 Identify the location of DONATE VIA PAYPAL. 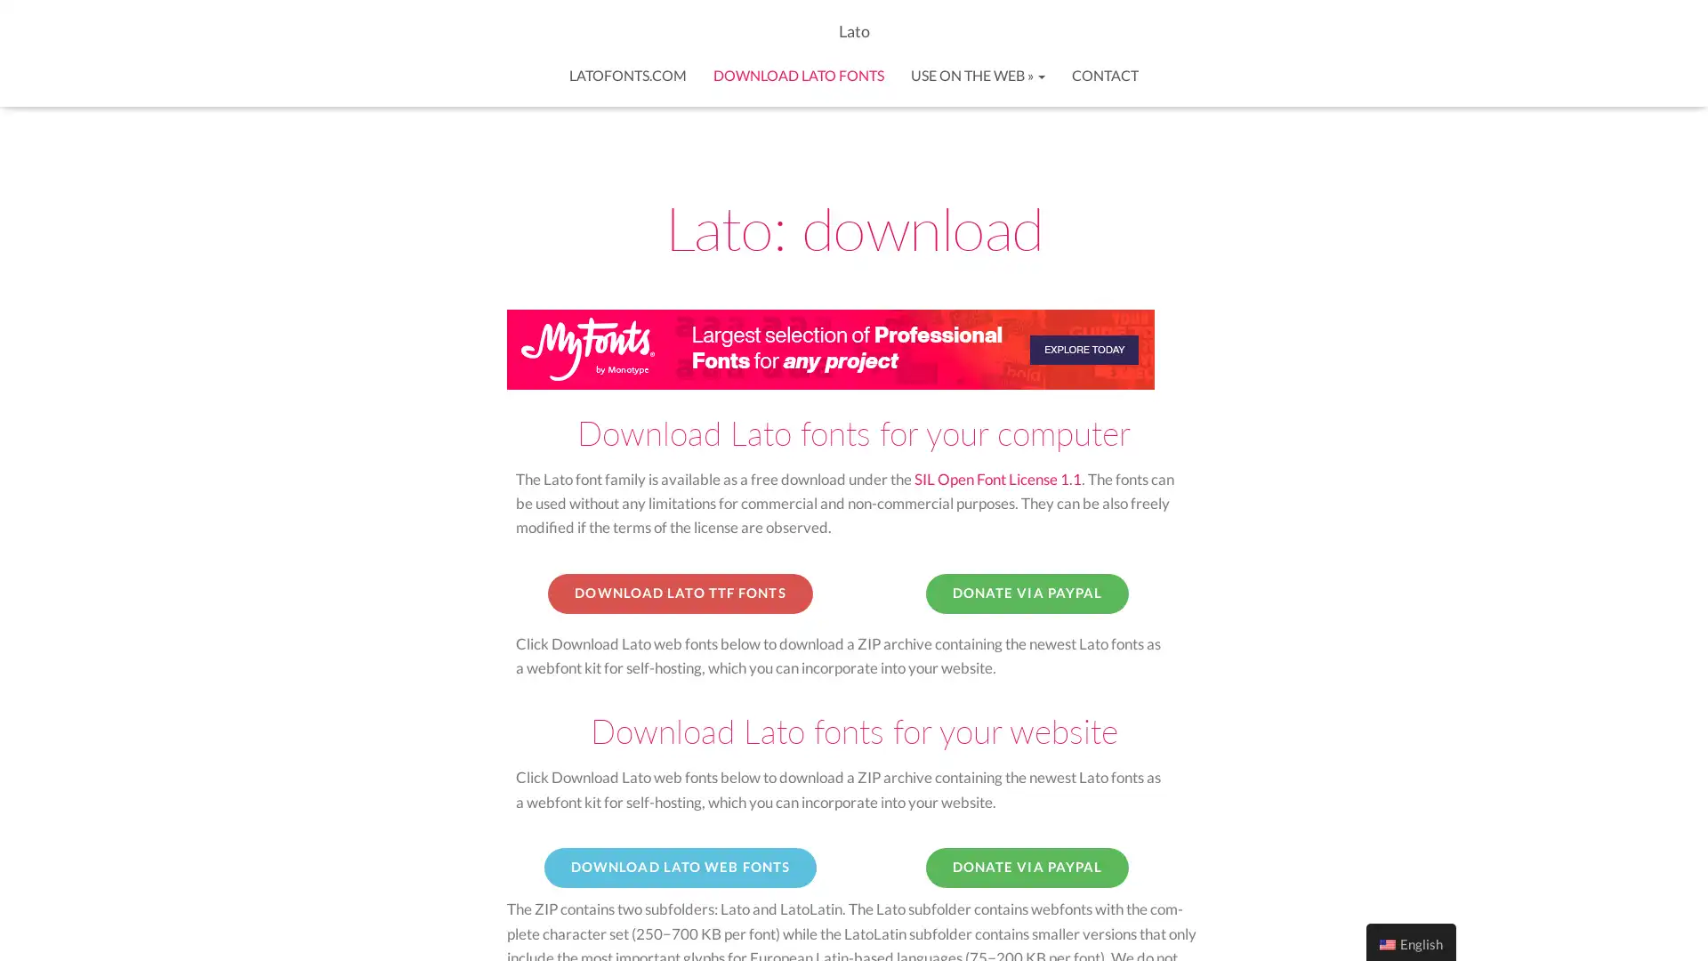
(1027, 867).